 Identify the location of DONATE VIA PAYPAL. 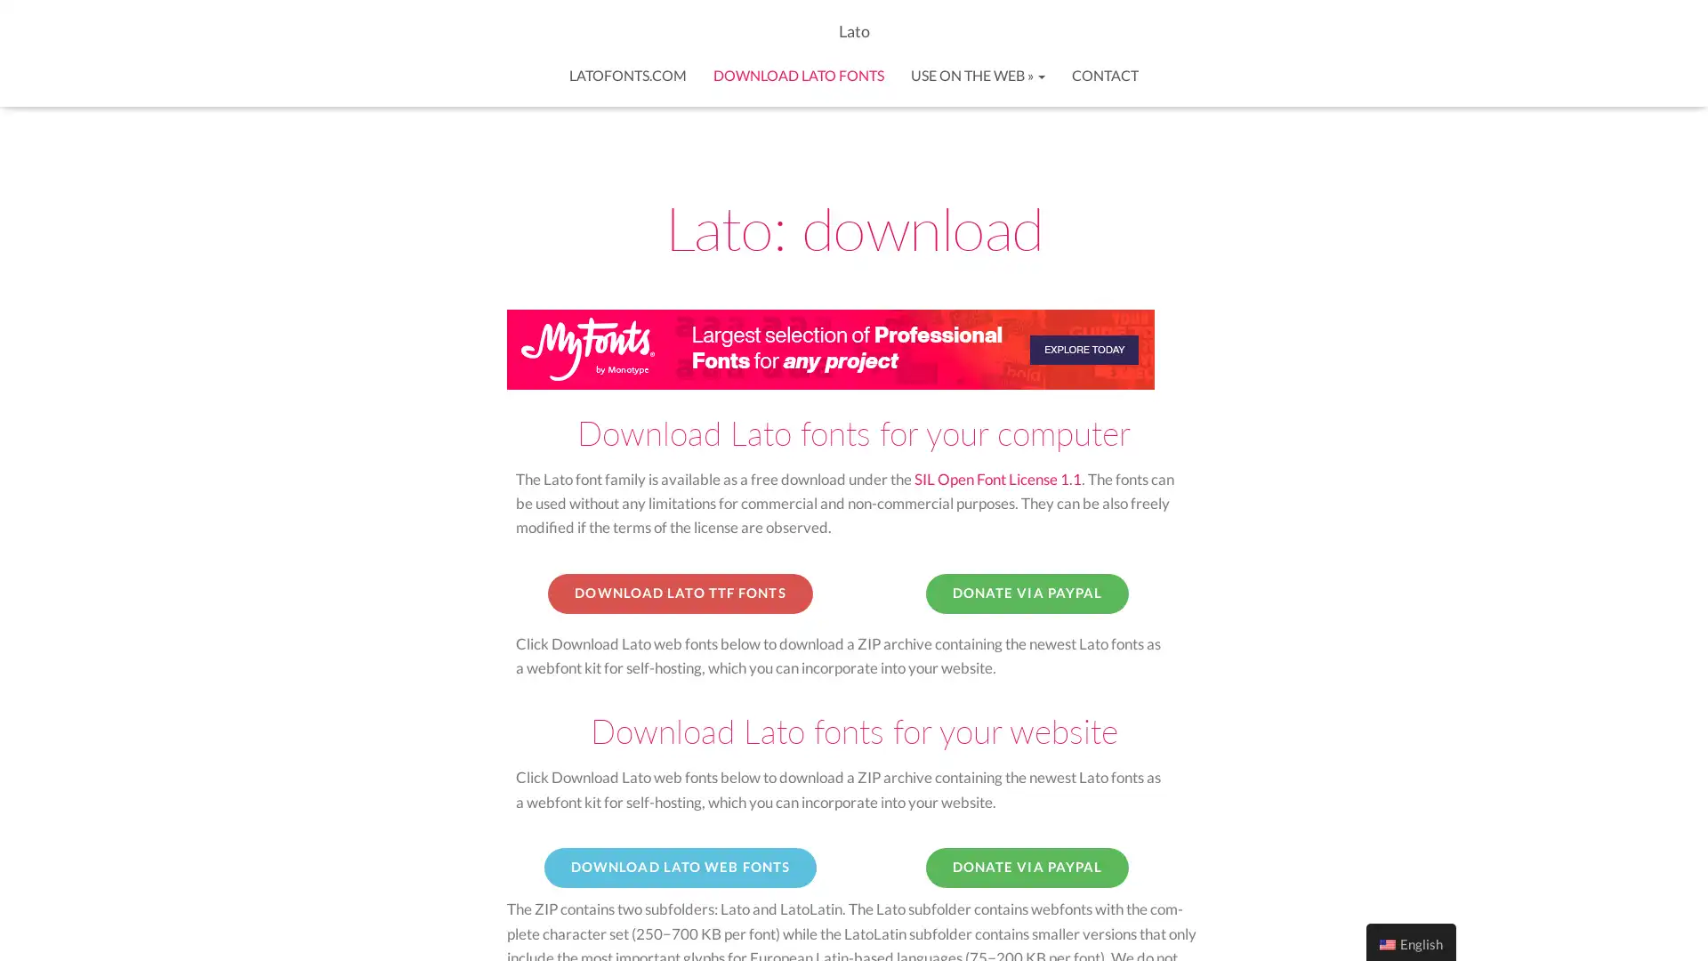
(1027, 867).